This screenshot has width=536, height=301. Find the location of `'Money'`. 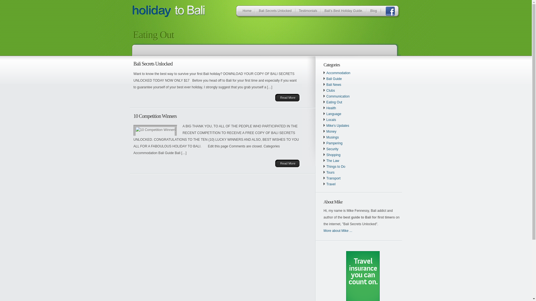

'Money' is located at coordinates (331, 131).